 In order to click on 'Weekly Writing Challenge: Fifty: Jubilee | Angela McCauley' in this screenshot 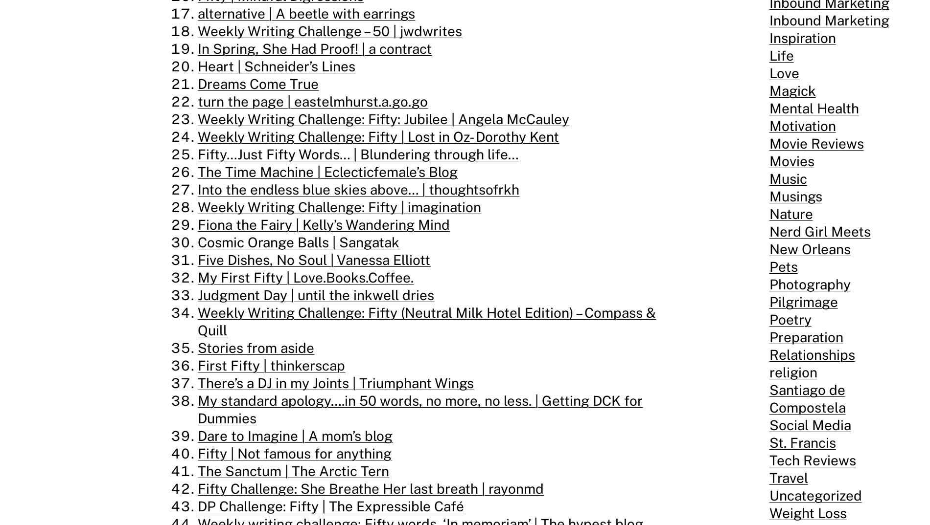, I will do `click(383, 118)`.